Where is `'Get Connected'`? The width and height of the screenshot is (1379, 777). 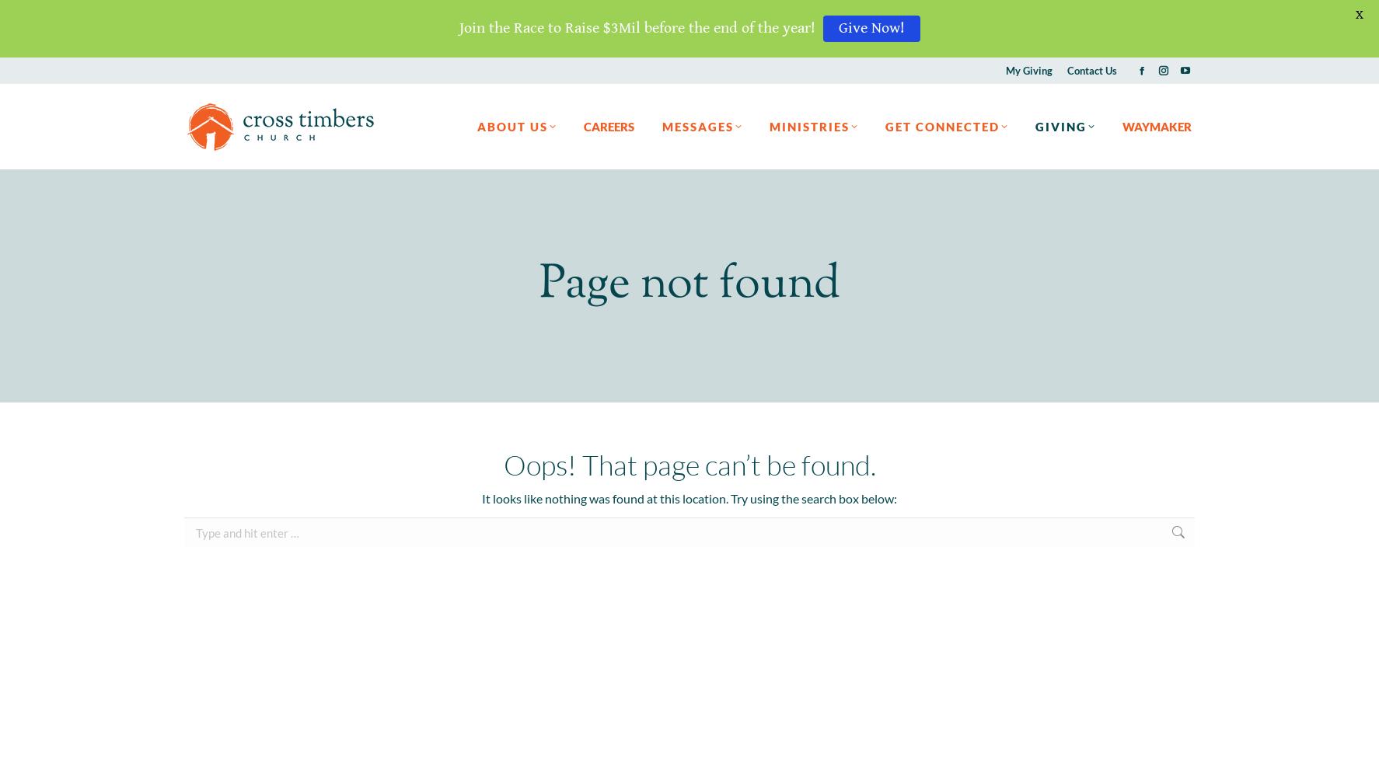
'Get Connected' is located at coordinates (942, 126).